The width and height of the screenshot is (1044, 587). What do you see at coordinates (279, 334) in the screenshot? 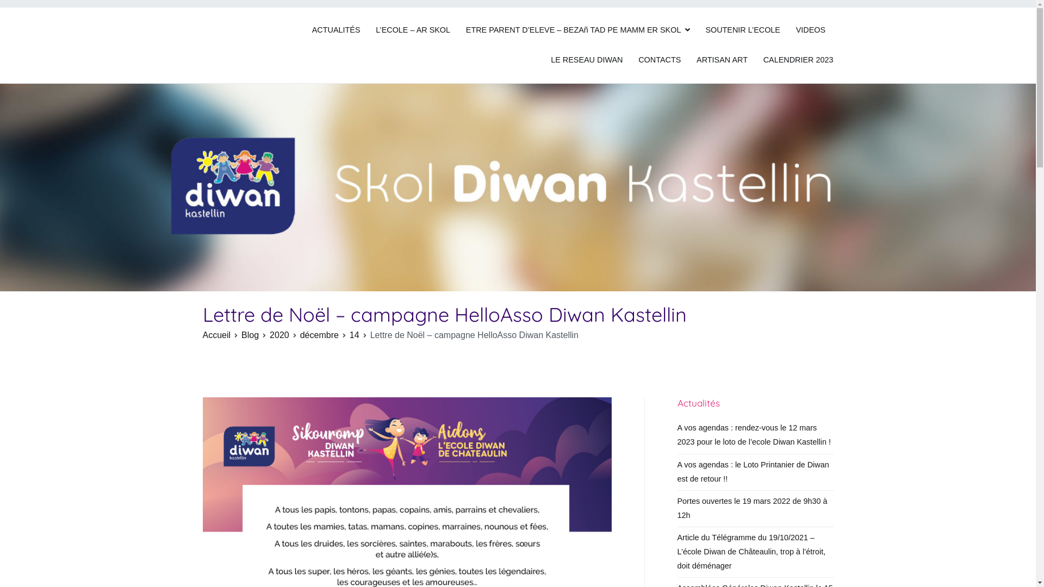
I see `'2020'` at bounding box center [279, 334].